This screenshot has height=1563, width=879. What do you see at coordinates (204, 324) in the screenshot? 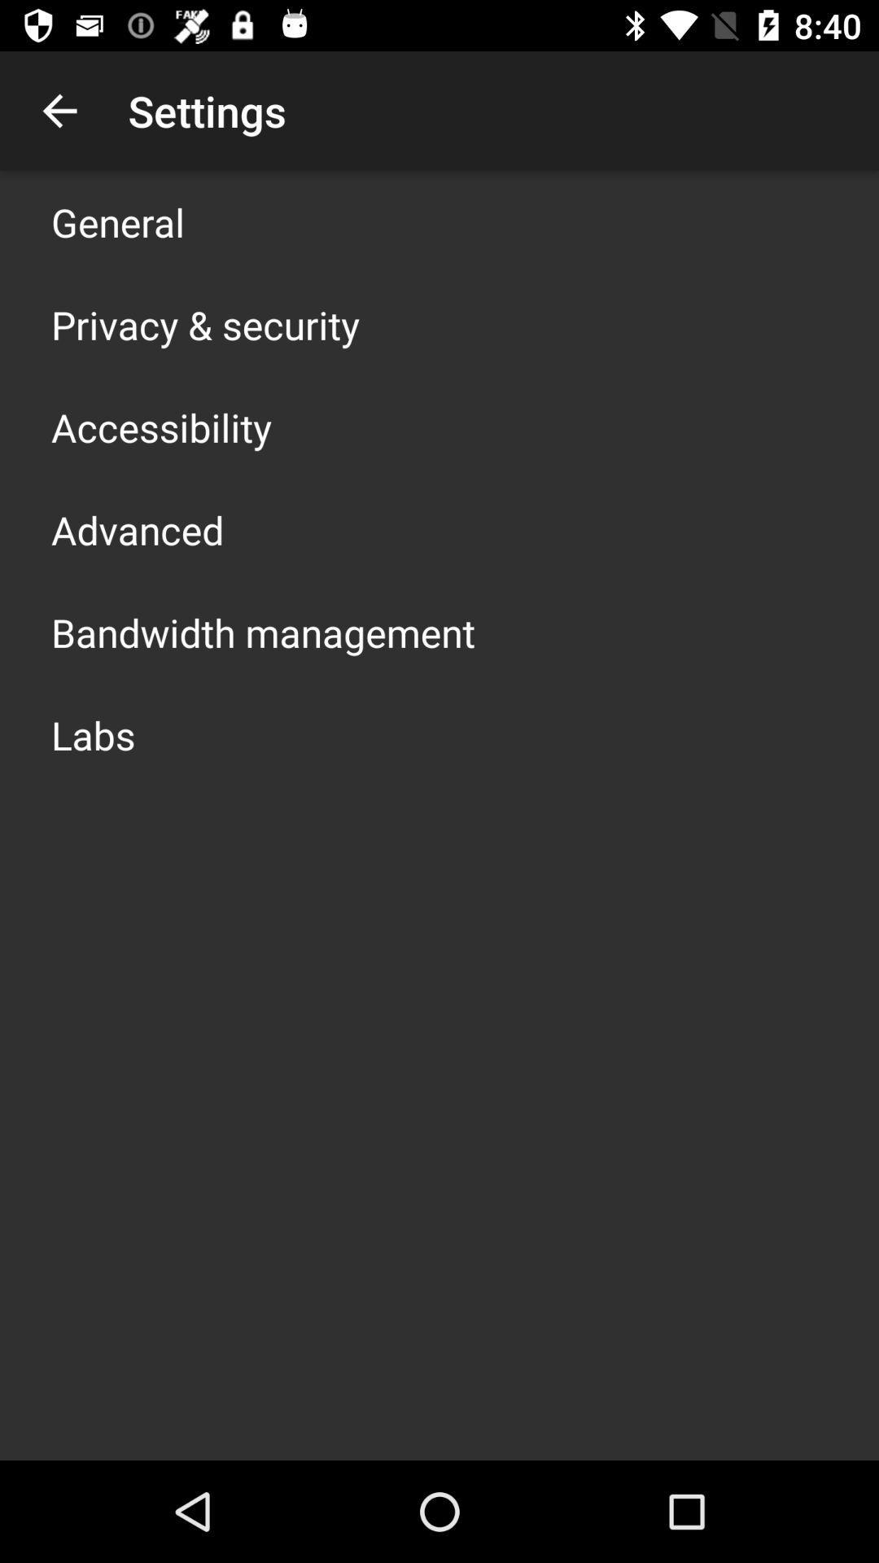
I see `privacy & security` at bounding box center [204, 324].